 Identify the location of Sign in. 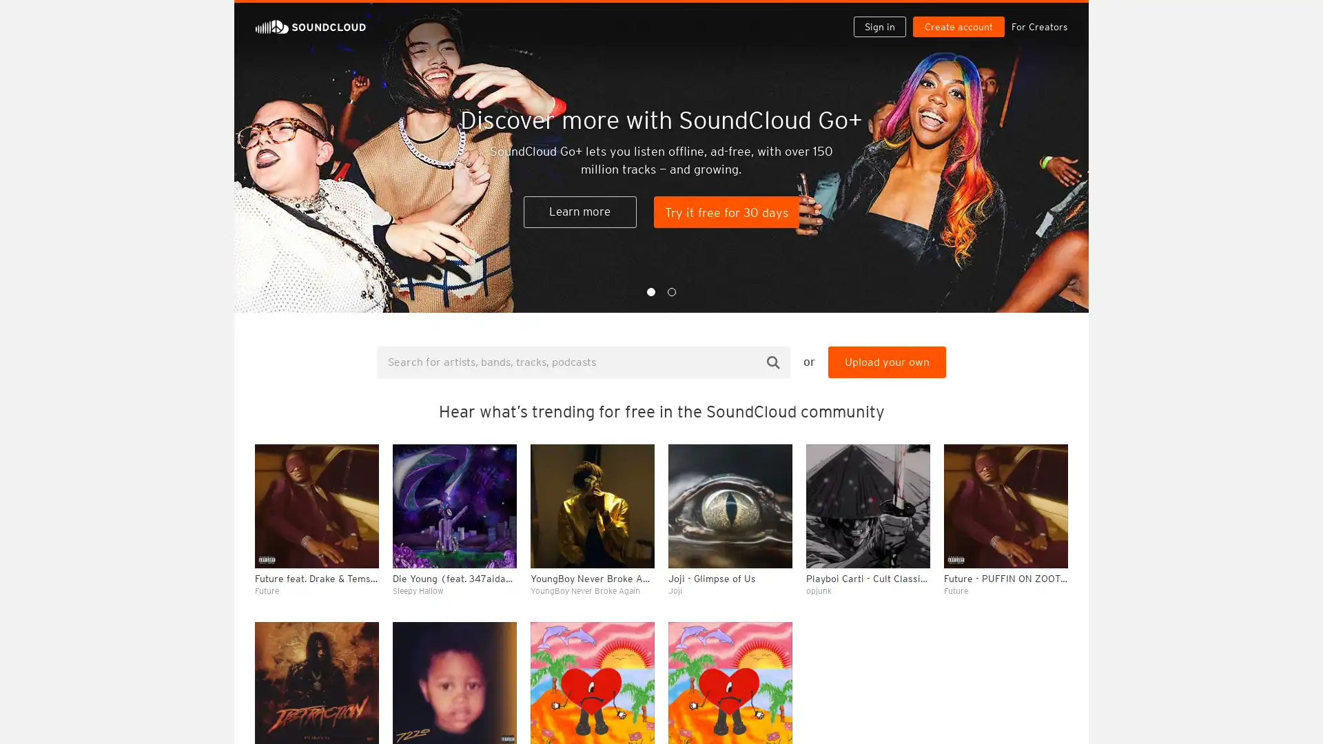
(879, 26).